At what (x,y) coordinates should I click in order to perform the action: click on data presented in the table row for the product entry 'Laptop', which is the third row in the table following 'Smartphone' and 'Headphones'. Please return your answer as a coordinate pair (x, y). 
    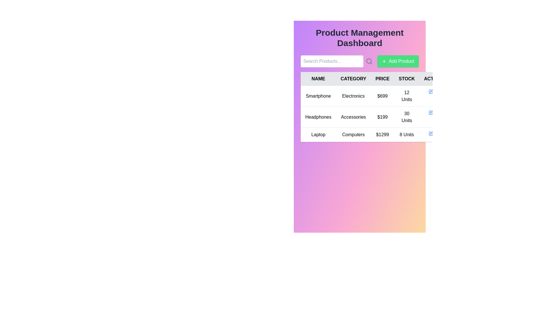
    Looking at the image, I should click on (375, 134).